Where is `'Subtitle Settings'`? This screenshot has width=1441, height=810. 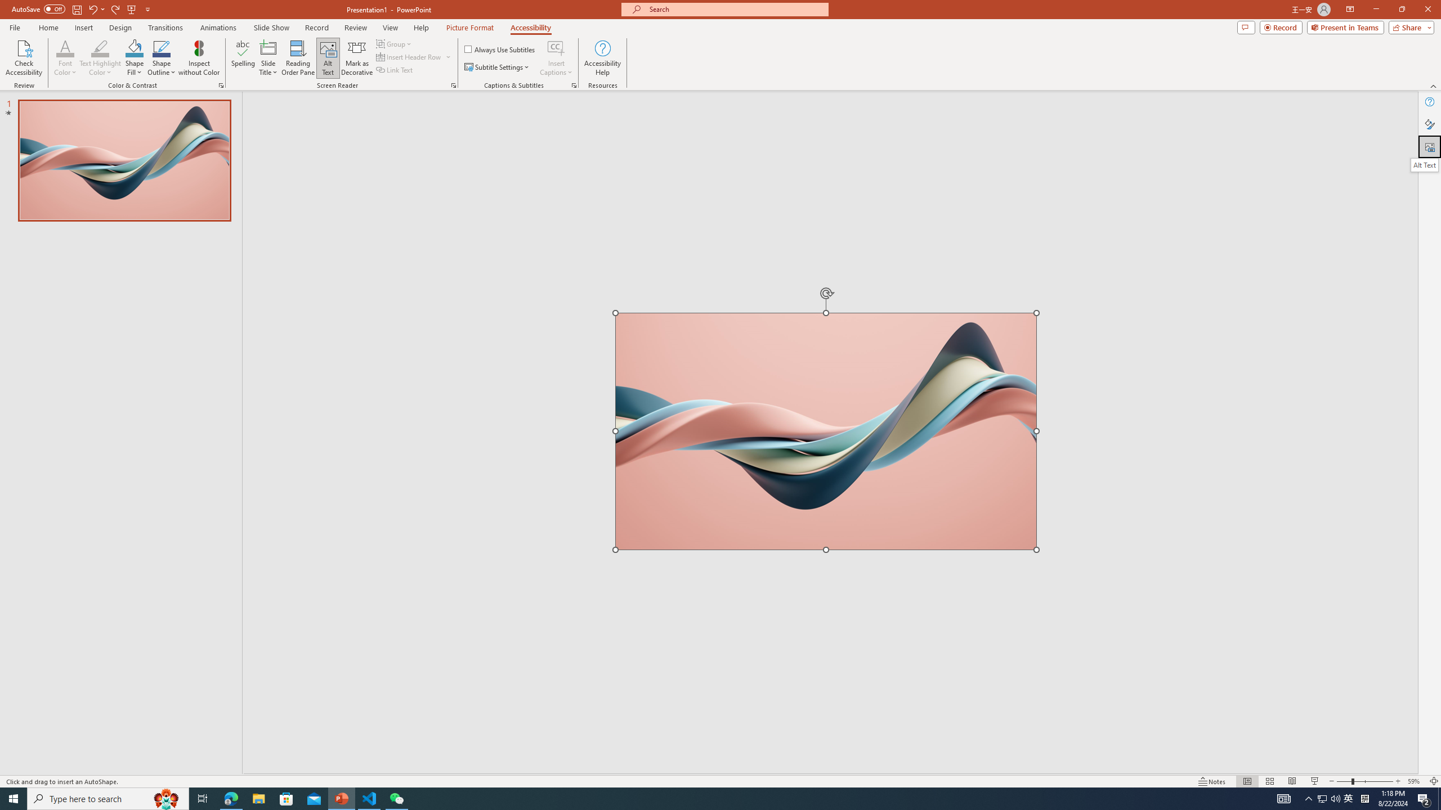 'Subtitle Settings' is located at coordinates (498, 66).